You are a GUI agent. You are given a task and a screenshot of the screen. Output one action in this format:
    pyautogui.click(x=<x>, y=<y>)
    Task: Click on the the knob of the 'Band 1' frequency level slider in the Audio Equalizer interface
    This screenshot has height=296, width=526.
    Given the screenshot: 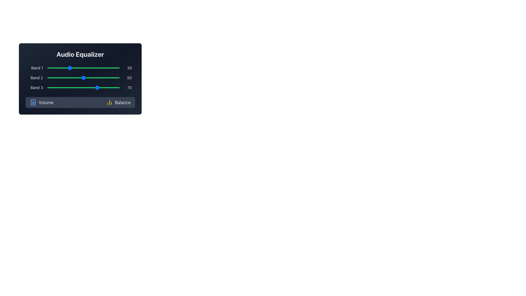 What is the action you would take?
    pyautogui.click(x=80, y=67)
    